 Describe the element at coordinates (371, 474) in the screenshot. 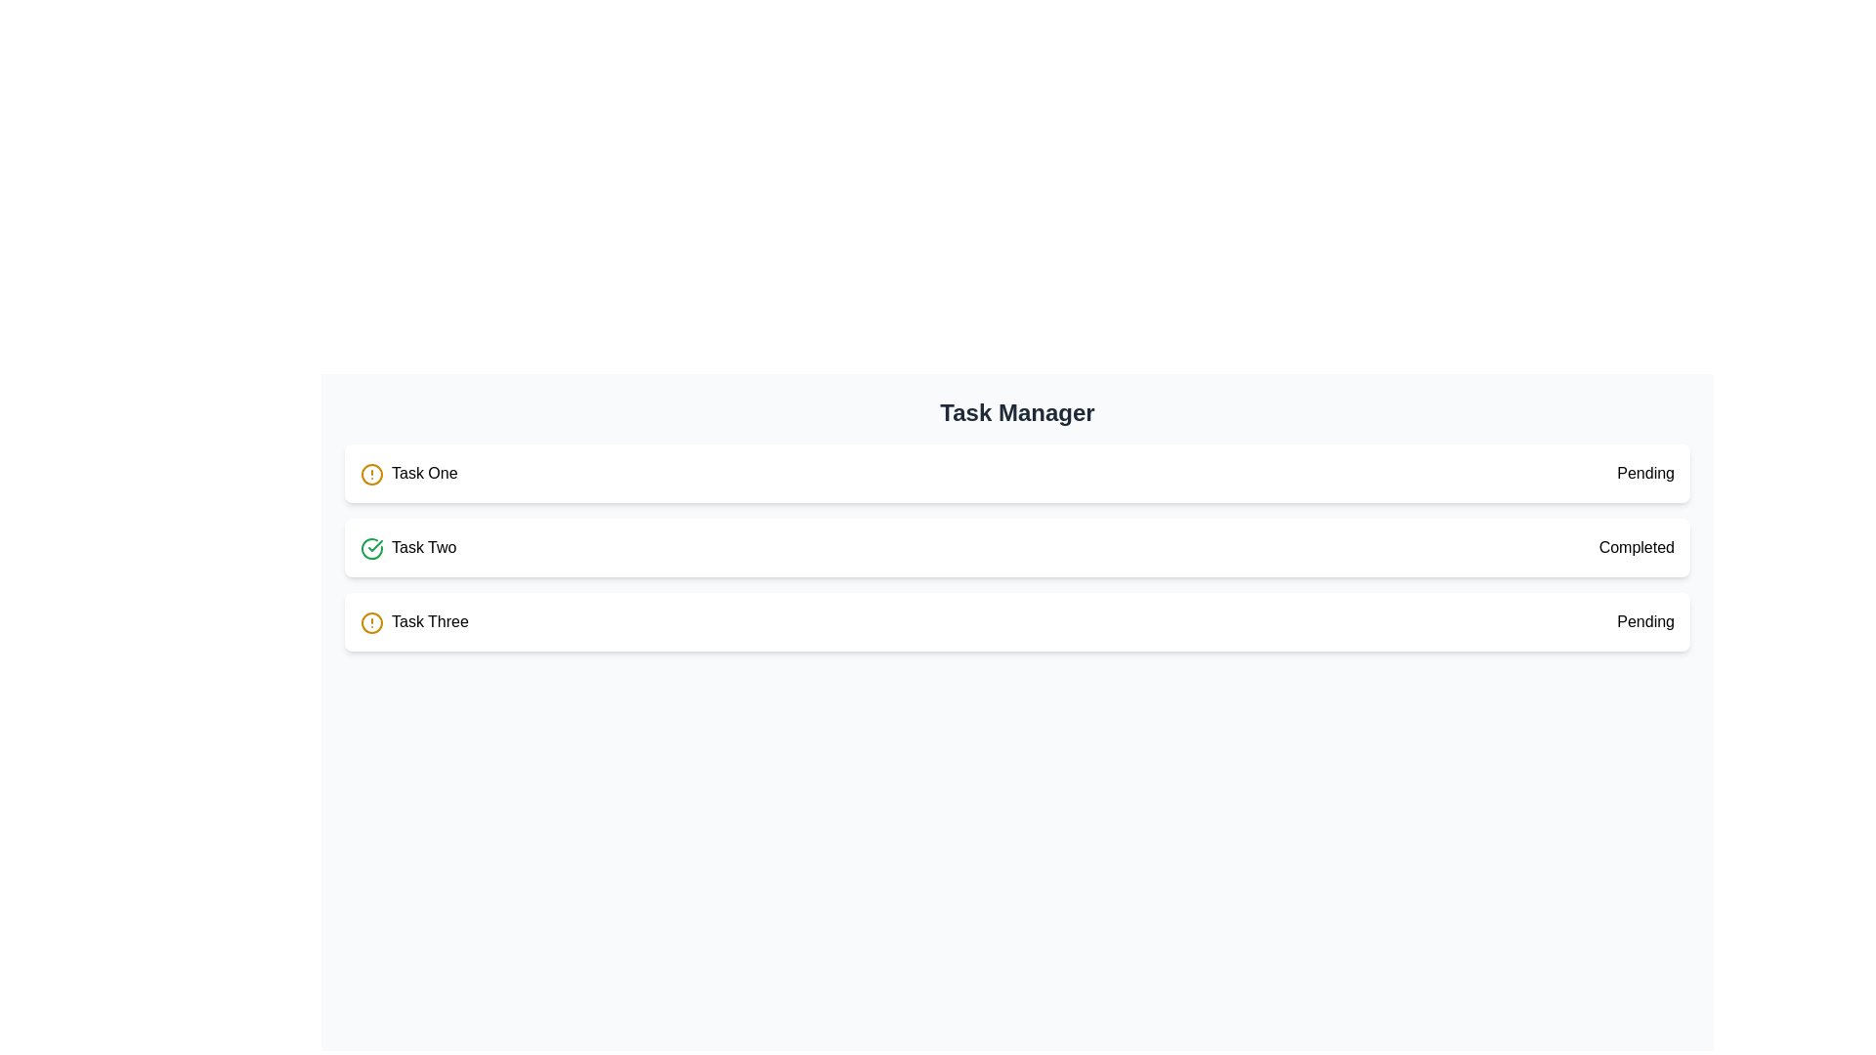

I see `the circular icon with a yellow outline and an exclamation mark, located on the left side of the row for Task One` at that location.